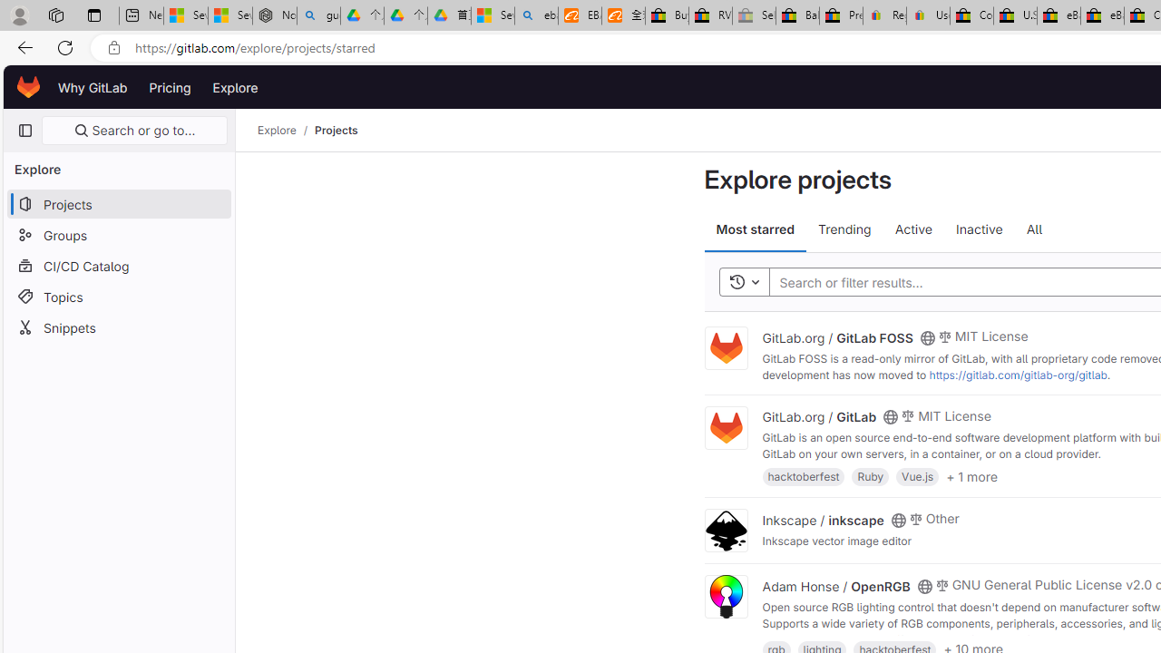 Image resolution: width=1161 pixels, height=653 pixels. Describe the element at coordinates (118, 234) in the screenshot. I see `'Groups'` at that location.